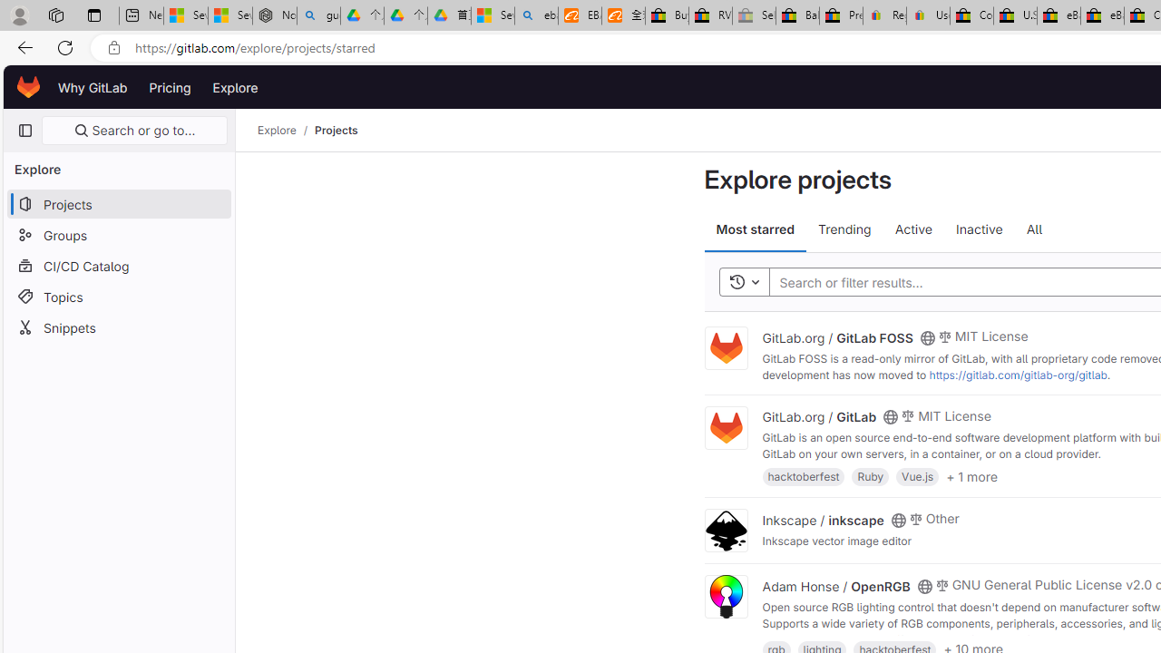 Image resolution: width=1161 pixels, height=653 pixels. Describe the element at coordinates (118, 234) in the screenshot. I see `'Groups'` at that location.